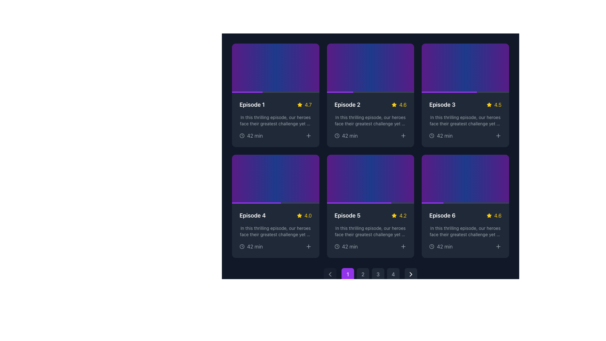 This screenshot has width=606, height=341. Describe the element at coordinates (393, 274) in the screenshot. I see `the fourth pagination control button located at the bottom center of the user interface` at that location.